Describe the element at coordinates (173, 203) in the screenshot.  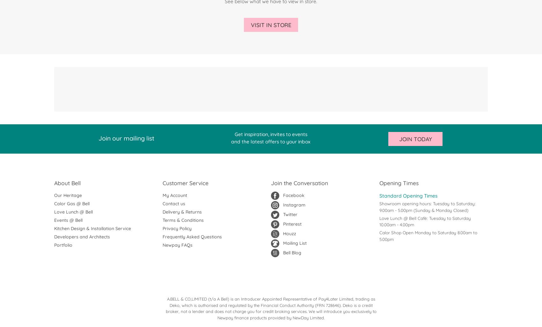
I see `'Contact us'` at that location.